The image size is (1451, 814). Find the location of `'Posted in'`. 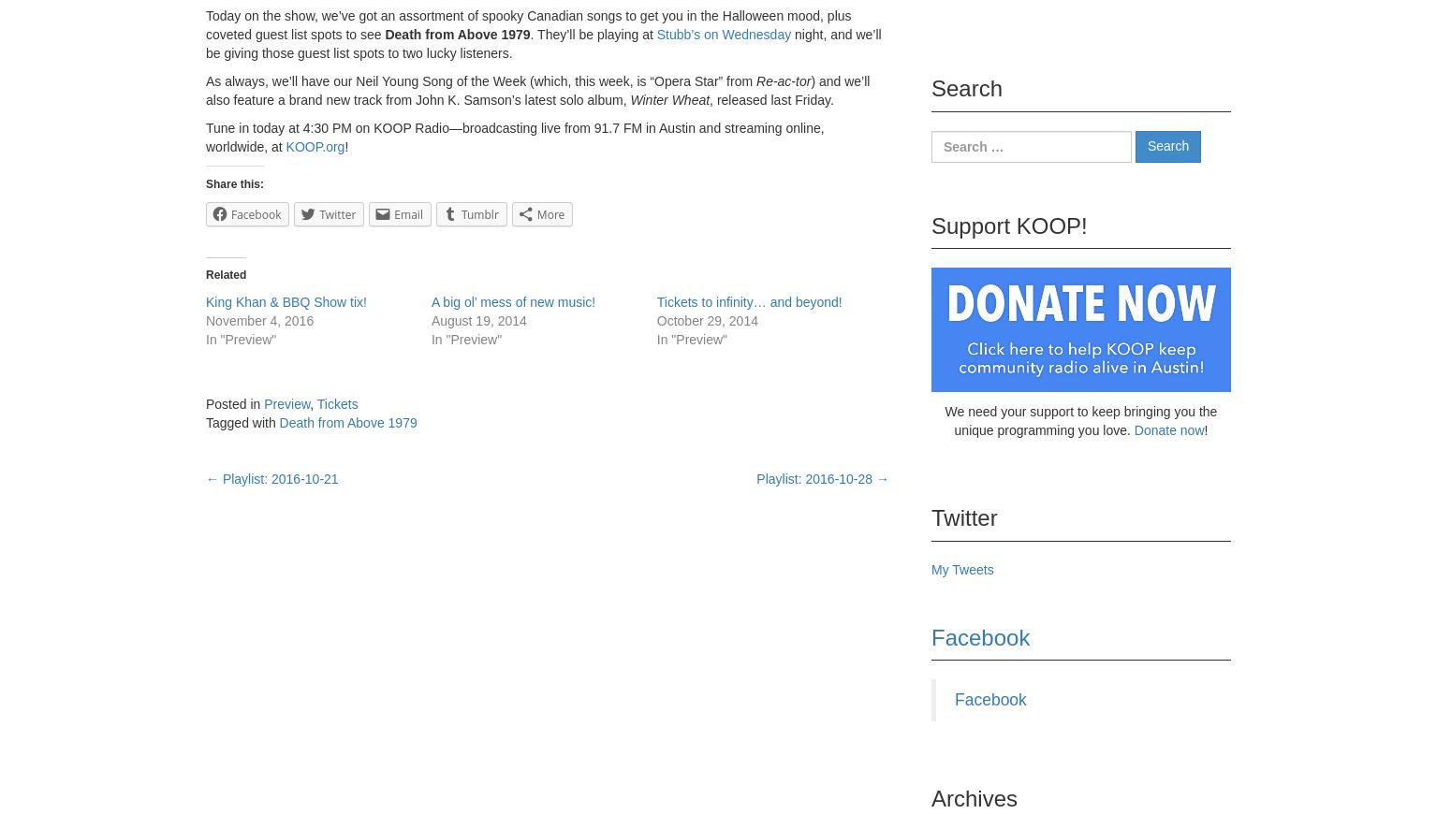

'Posted in' is located at coordinates (204, 404).